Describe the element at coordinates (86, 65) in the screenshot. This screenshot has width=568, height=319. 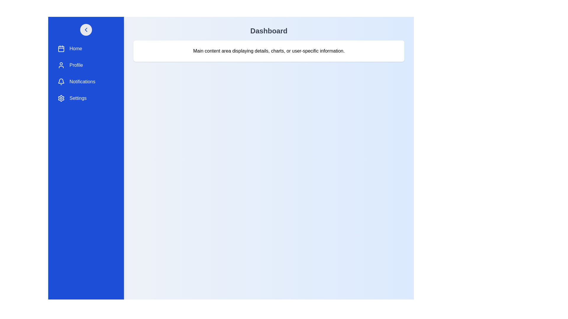
I see `the menu item Profile` at that location.